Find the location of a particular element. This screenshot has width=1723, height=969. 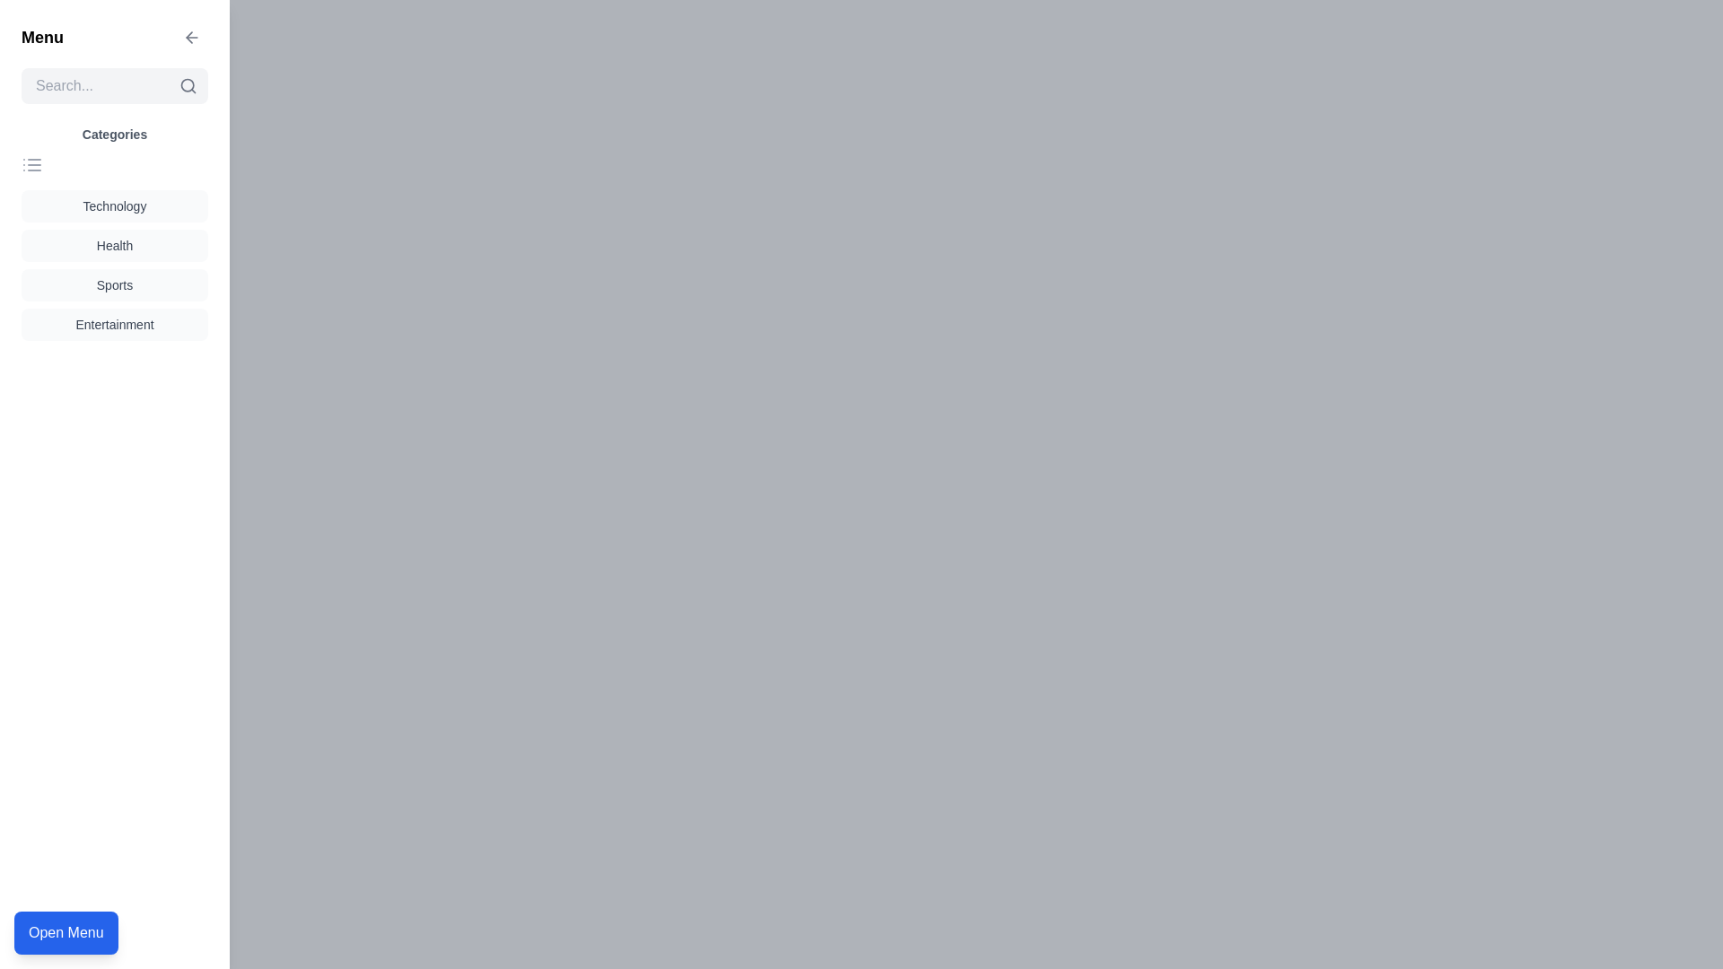

the third button in the vertical stack of category buttons under the 'Categories' heading in the left sidebar is located at coordinates (114, 284).